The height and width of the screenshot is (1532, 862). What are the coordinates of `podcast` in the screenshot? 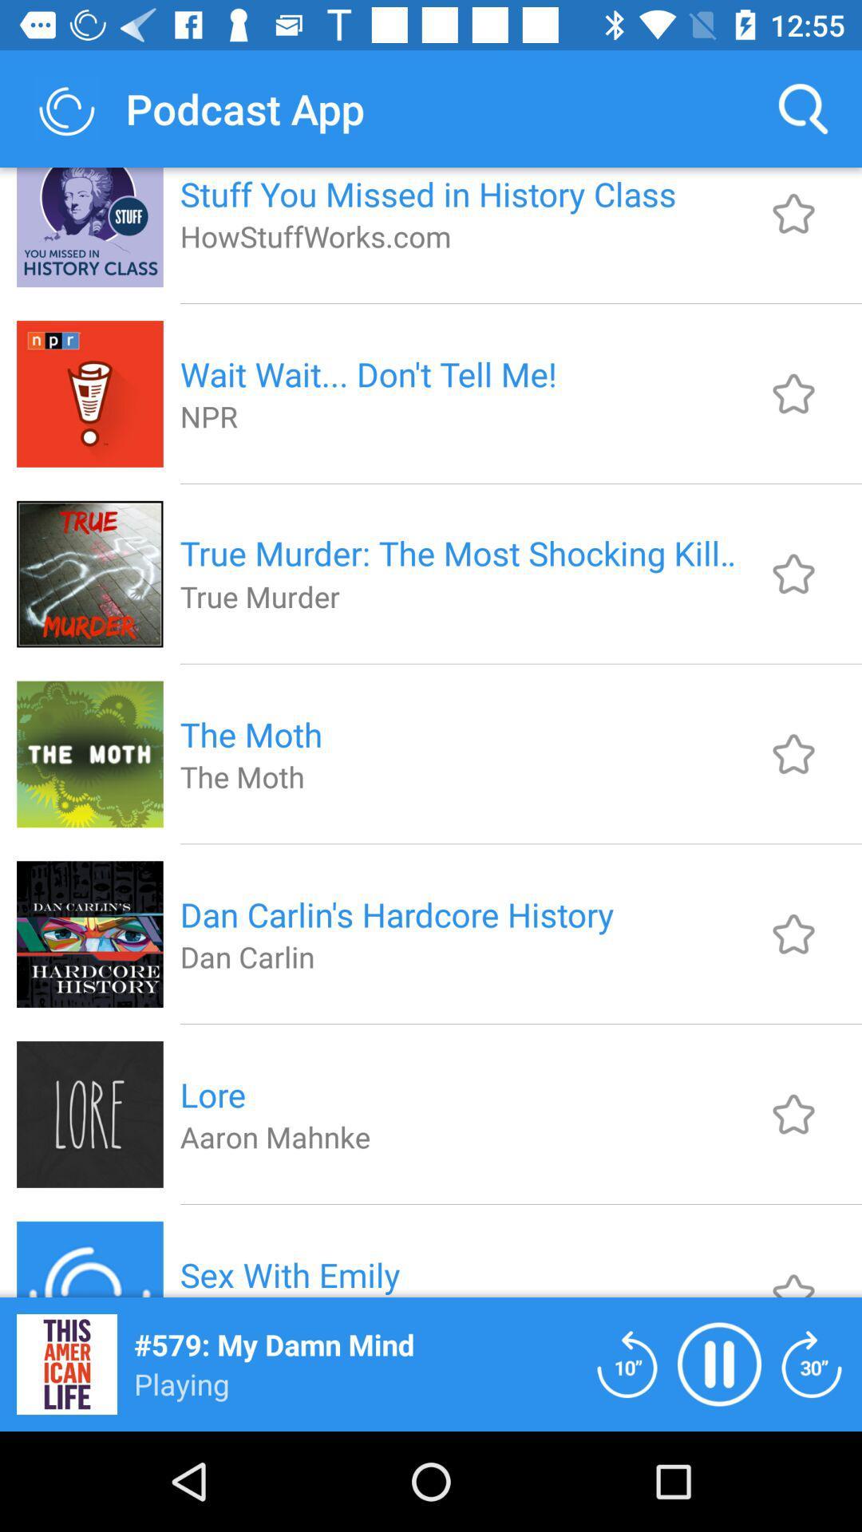 It's located at (793, 753).